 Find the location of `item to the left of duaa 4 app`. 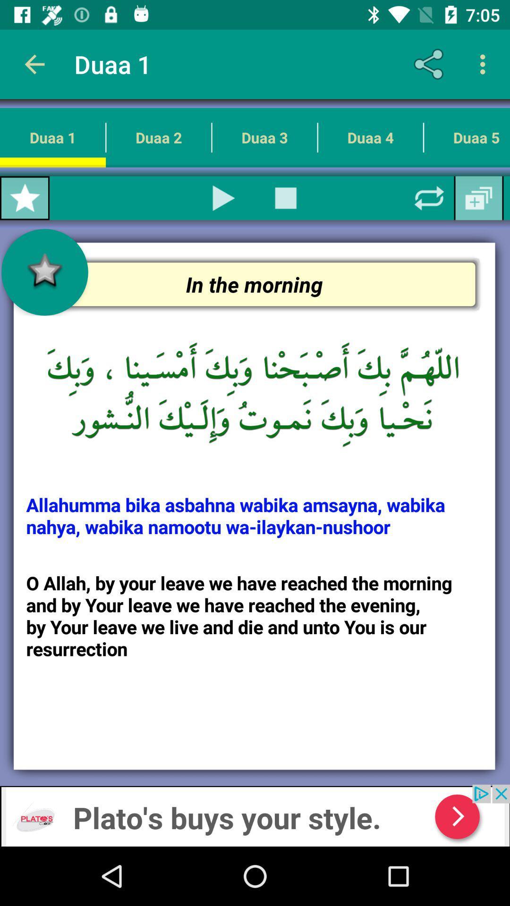

item to the left of duaa 4 app is located at coordinates (285, 198).